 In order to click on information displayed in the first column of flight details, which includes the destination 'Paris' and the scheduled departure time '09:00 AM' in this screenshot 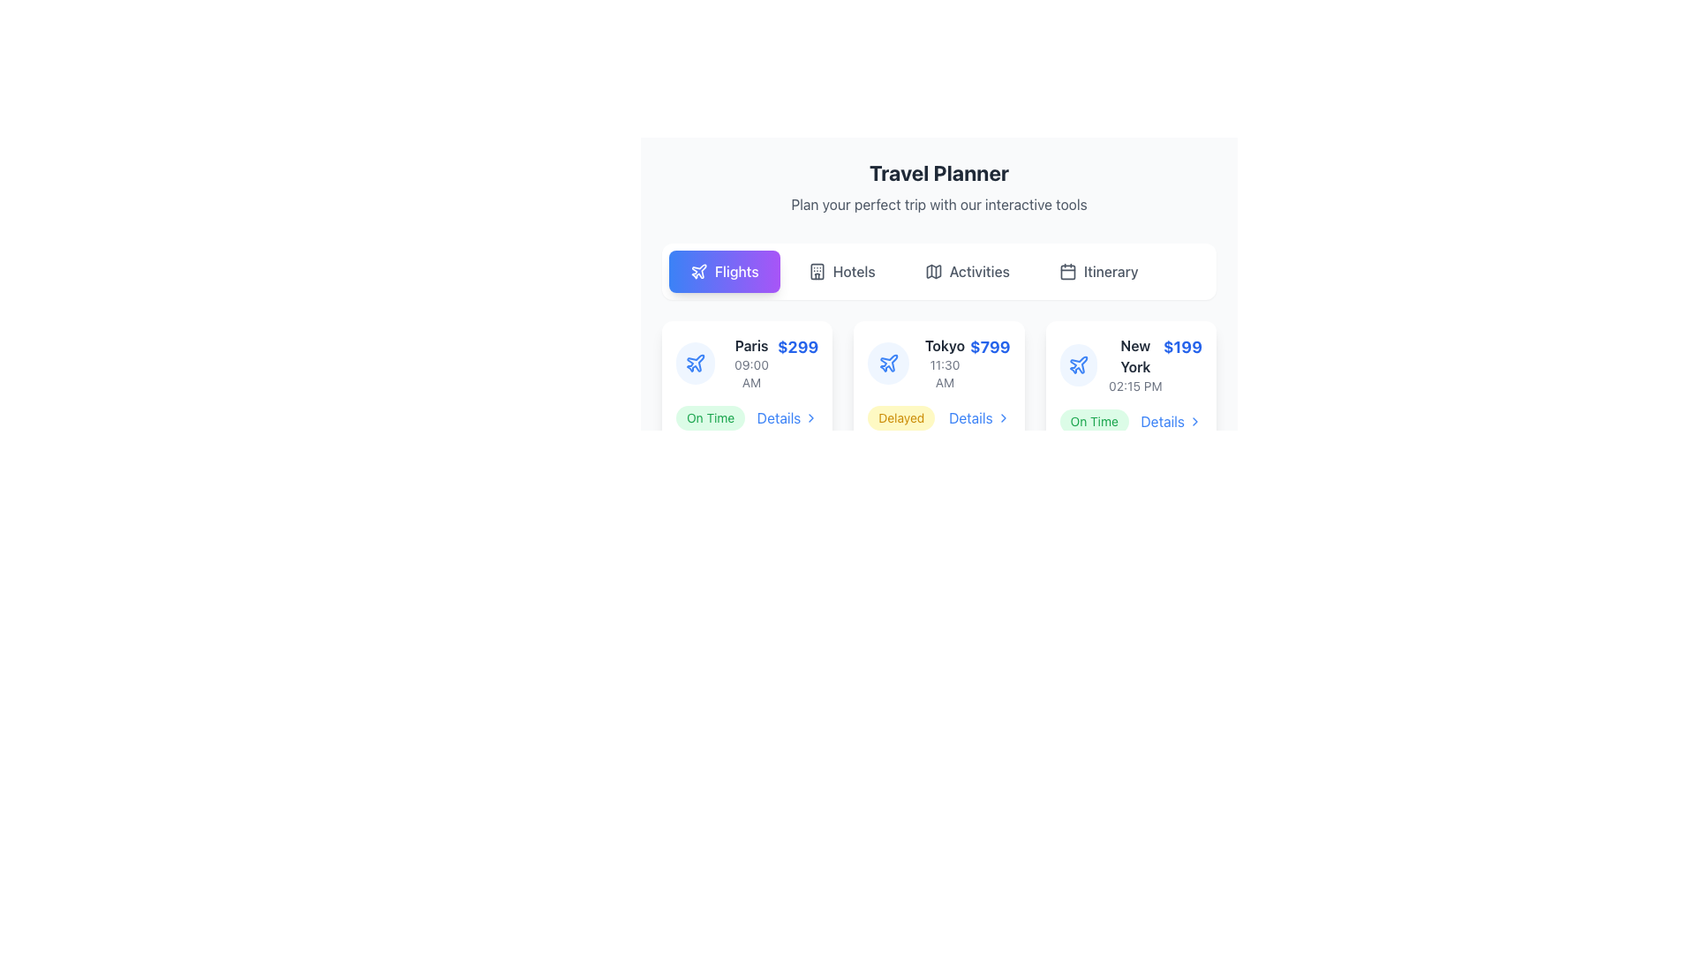, I will do `click(727, 363)`.